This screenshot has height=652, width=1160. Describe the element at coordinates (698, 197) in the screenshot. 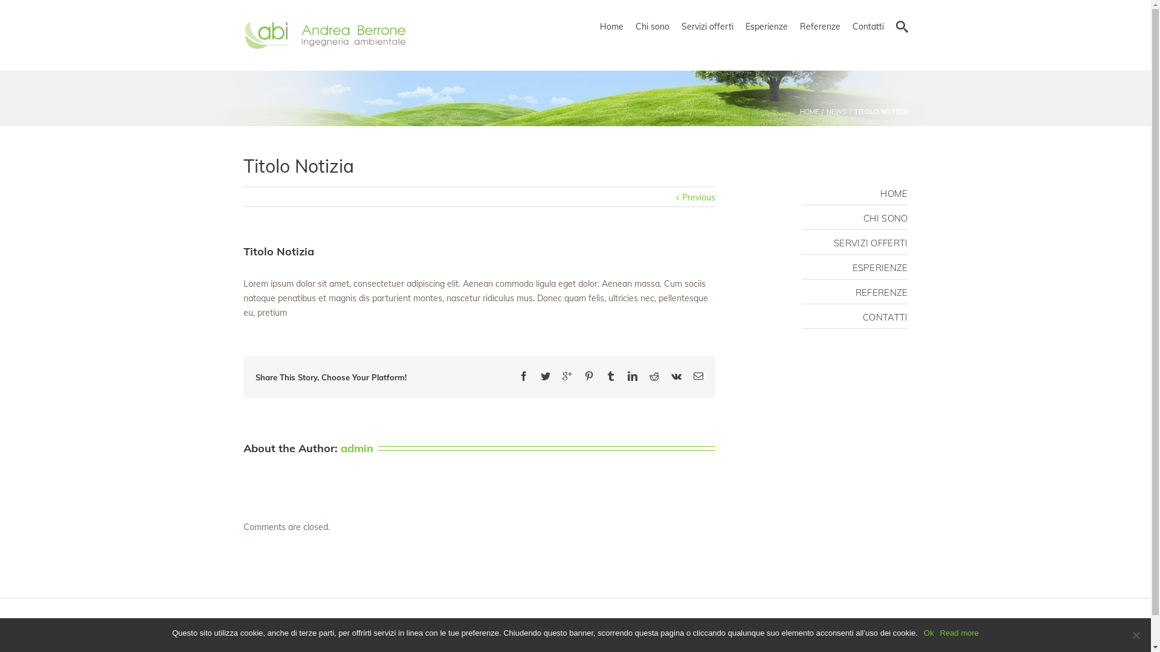

I see `'Previous'` at that location.